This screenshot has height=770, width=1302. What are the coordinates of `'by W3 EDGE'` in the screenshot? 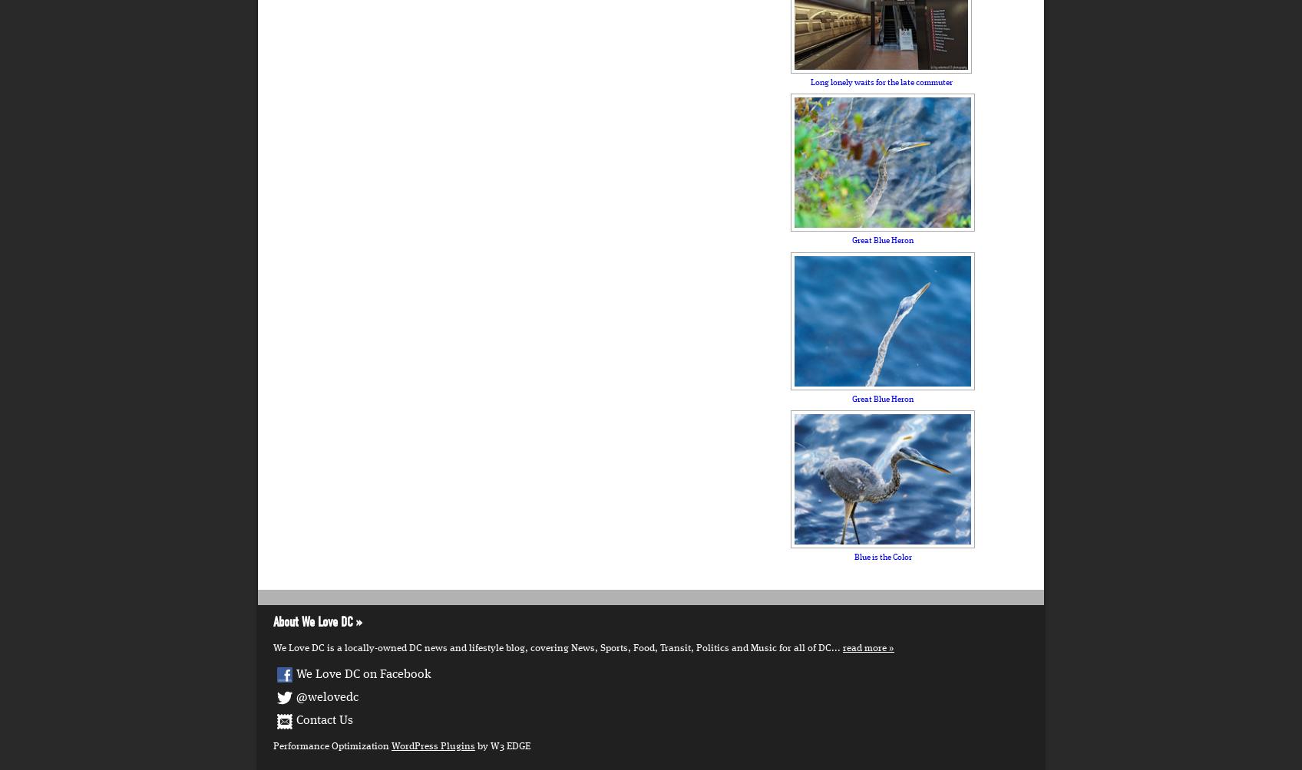 It's located at (501, 745).